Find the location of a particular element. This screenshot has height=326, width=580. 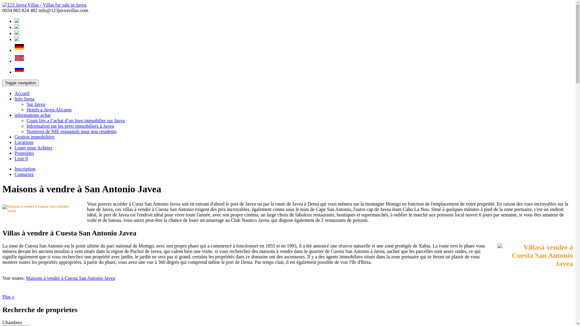

'informations achat' is located at coordinates (32, 115).